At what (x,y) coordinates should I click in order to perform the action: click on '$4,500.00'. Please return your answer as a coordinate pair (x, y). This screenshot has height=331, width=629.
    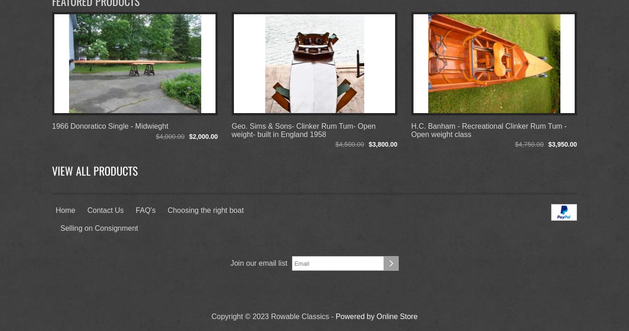
    Looking at the image, I should click on (335, 144).